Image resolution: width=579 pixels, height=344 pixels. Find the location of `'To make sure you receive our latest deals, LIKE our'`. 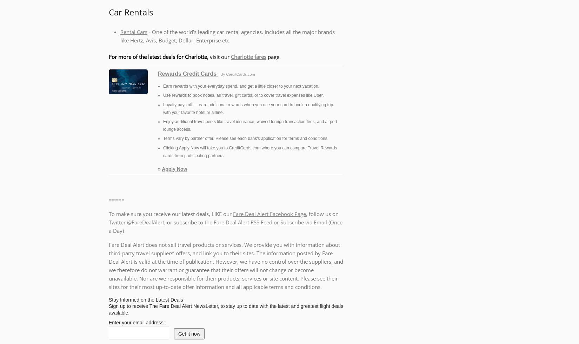

'To make sure you receive our latest deals, LIKE our' is located at coordinates (171, 214).